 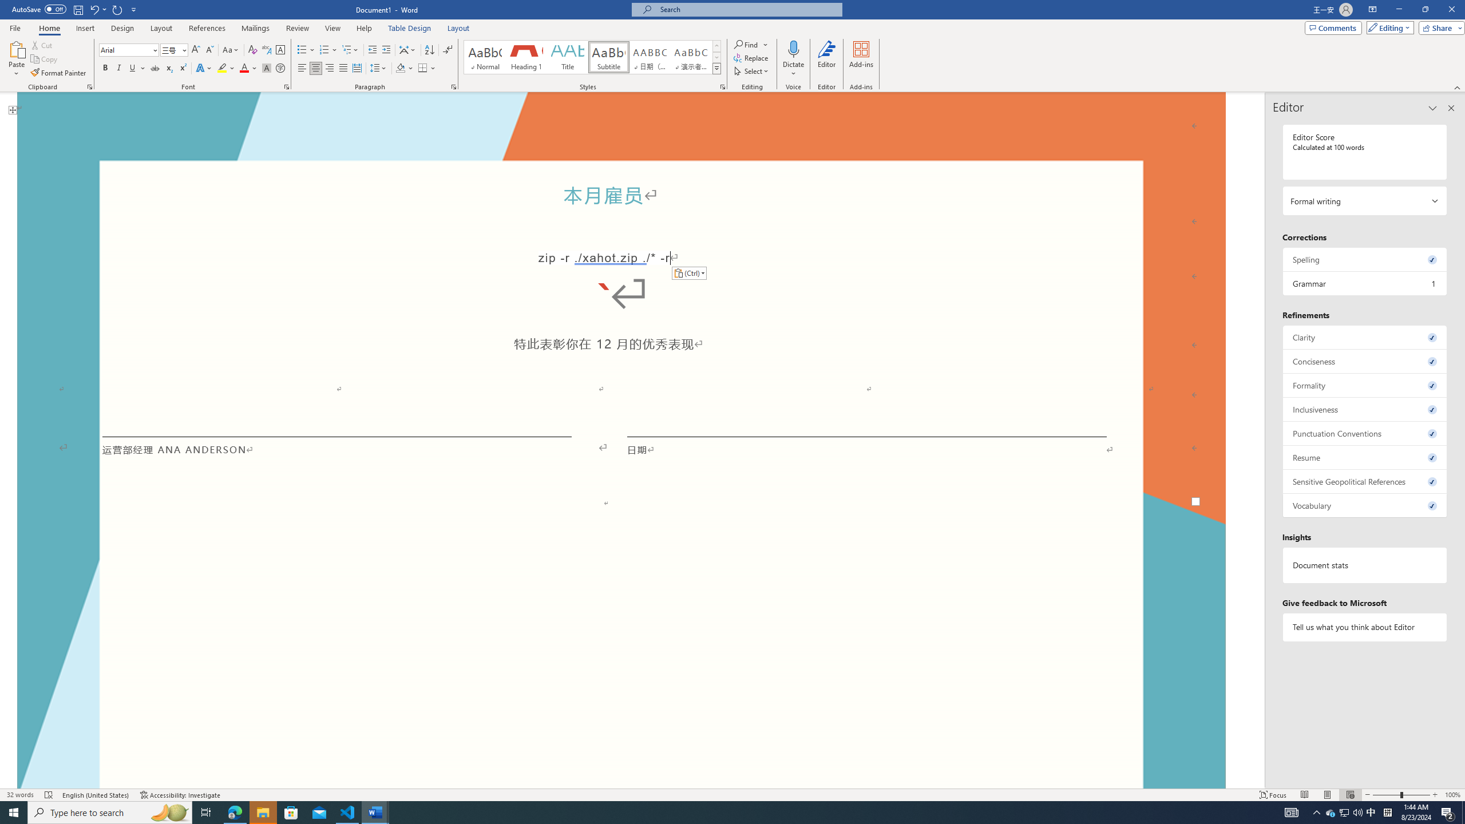 What do you see at coordinates (1364, 627) in the screenshot?
I see `'Tell us what you think about Editor'` at bounding box center [1364, 627].